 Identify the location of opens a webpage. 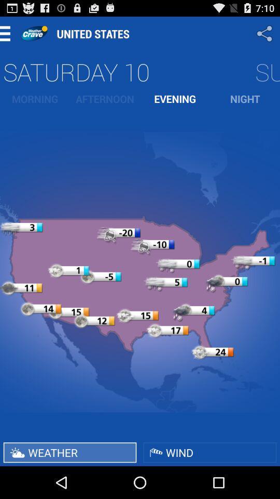
(34, 33).